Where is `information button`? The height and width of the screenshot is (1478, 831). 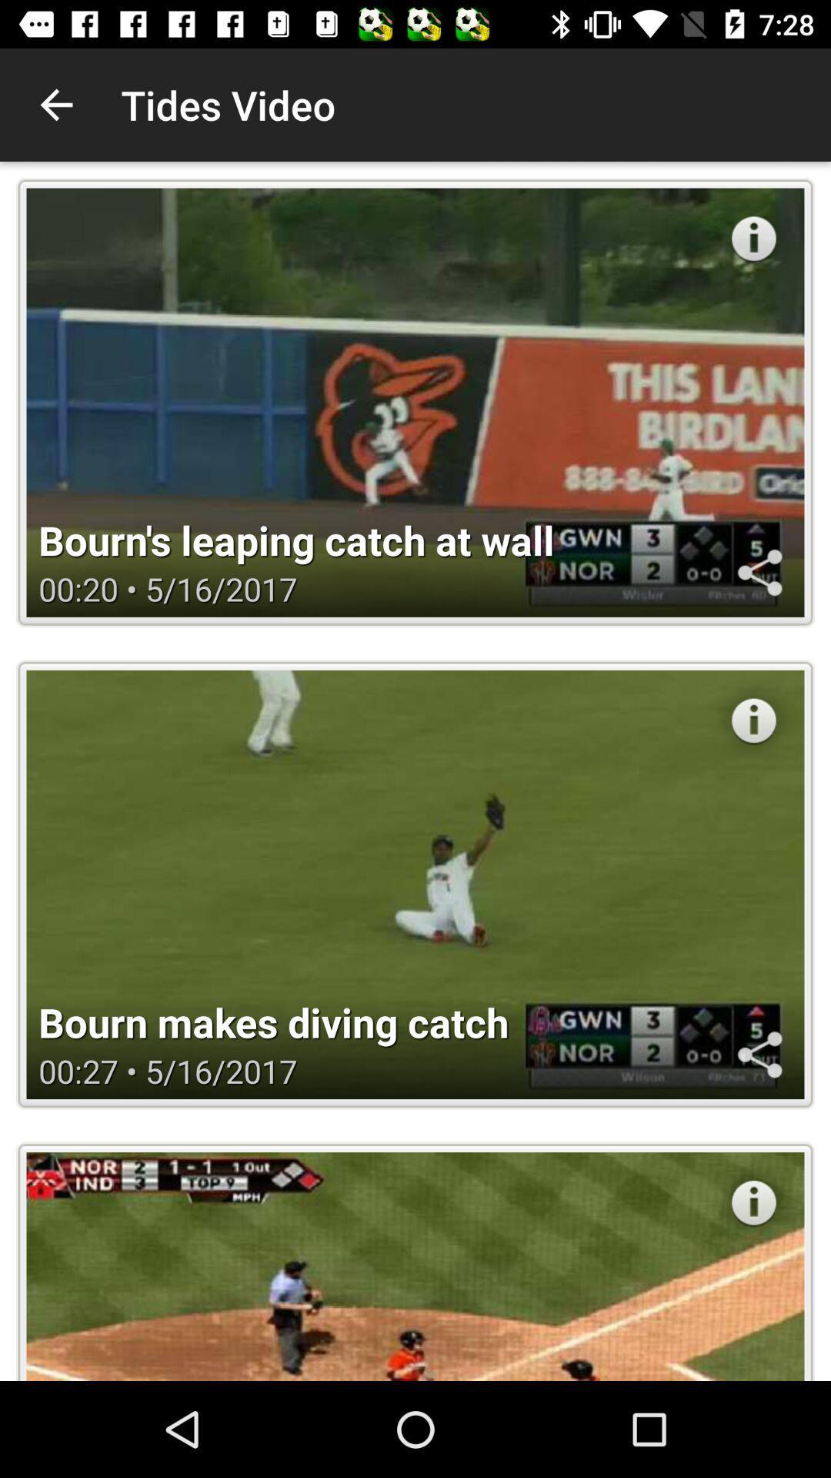 information button is located at coordinates (753, 238).